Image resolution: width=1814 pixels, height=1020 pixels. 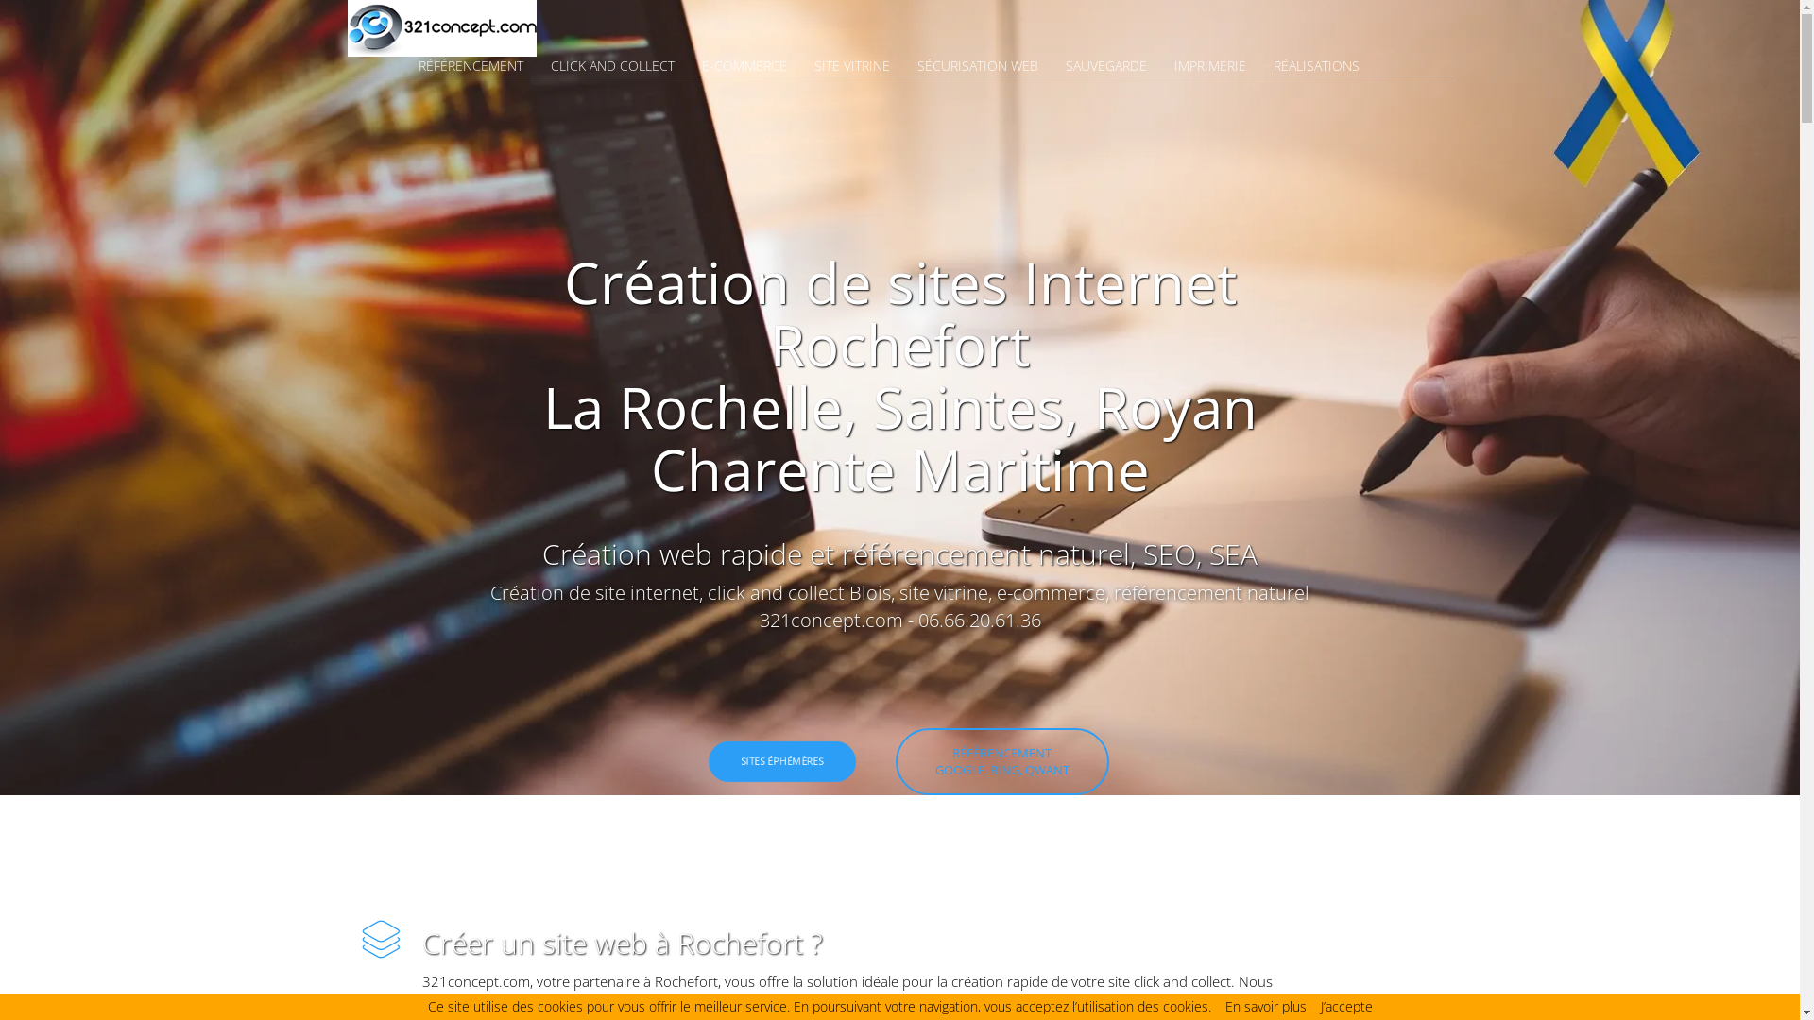 I want to click on 'SAUVEGARDE', so click(x=1118, y=64).